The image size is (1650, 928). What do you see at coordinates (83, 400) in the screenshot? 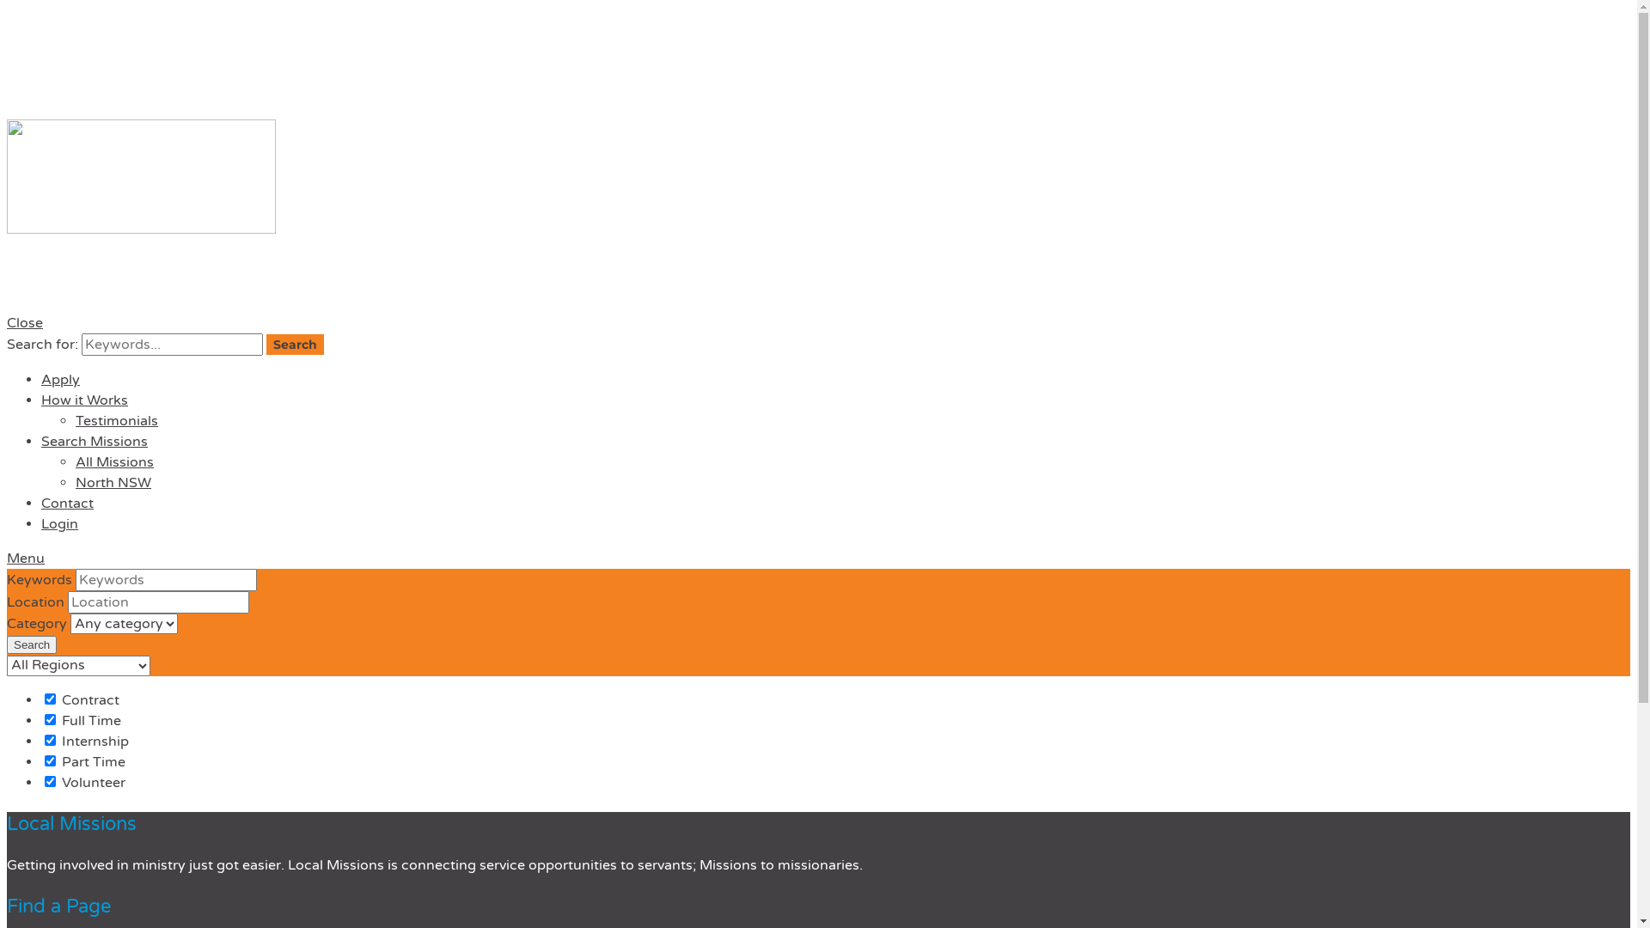
I see `'How it Works'` at bounding box center [83, 400].